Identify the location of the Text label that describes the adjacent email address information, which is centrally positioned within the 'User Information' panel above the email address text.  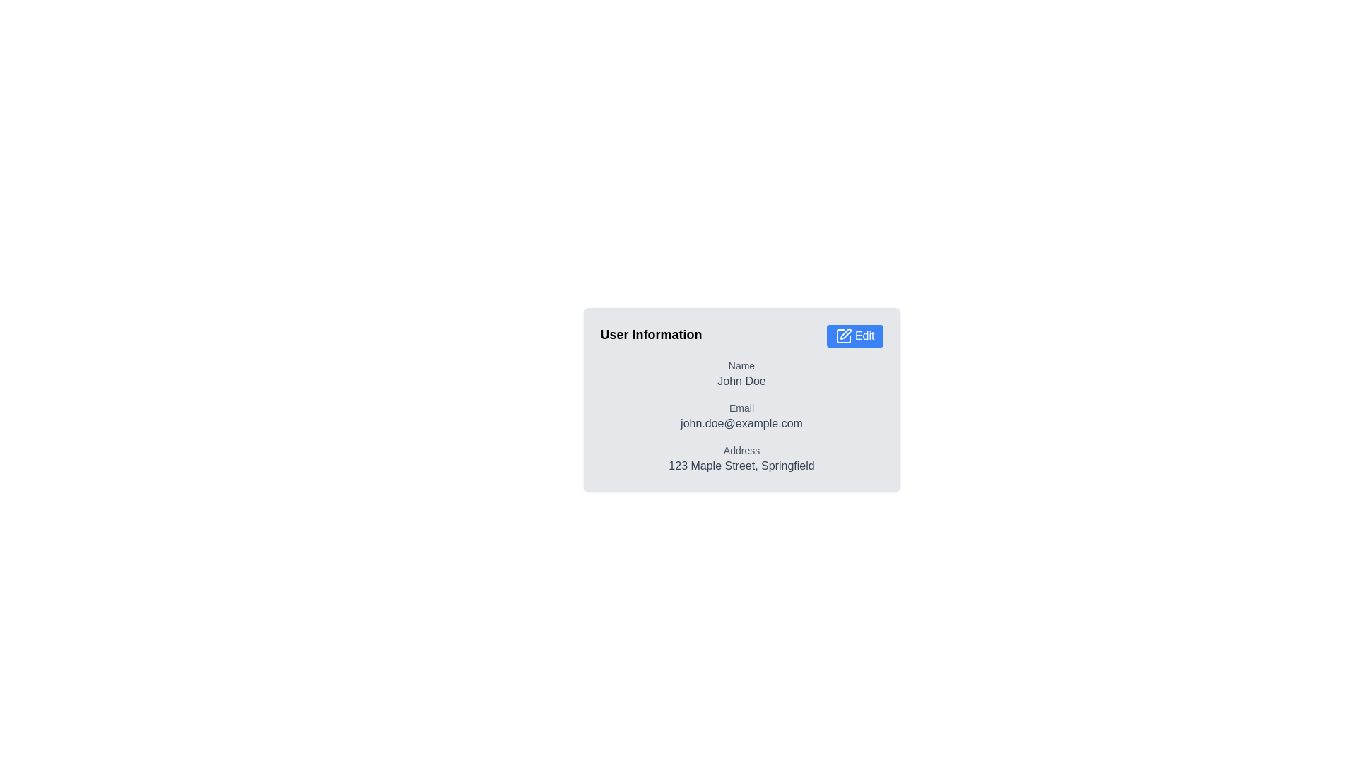
(741, 408).